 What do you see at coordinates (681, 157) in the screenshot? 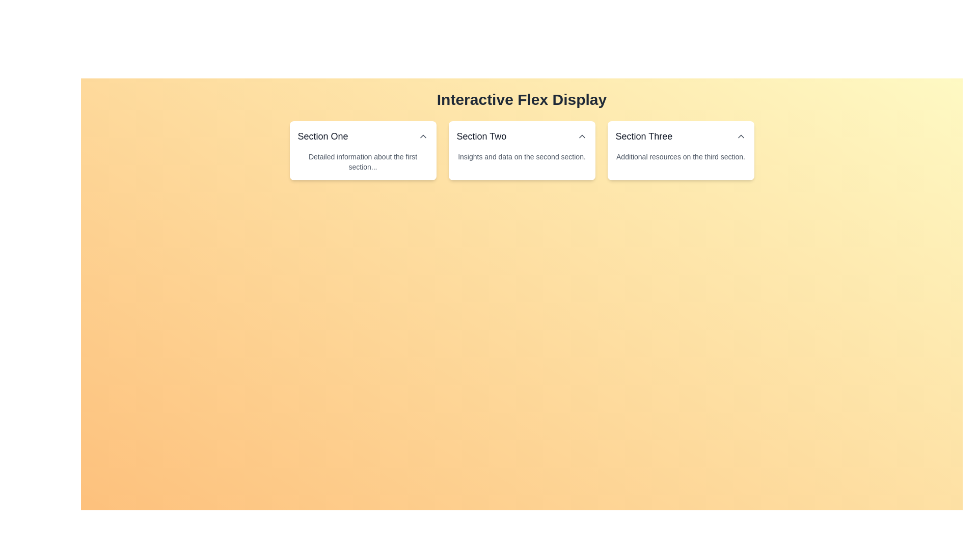
I see `the static text element that displays 'Additional resources on the third section.' located below the heading 'Section Three' in the third card of a horizontal set of three cards` at bounding box center [681, 157].